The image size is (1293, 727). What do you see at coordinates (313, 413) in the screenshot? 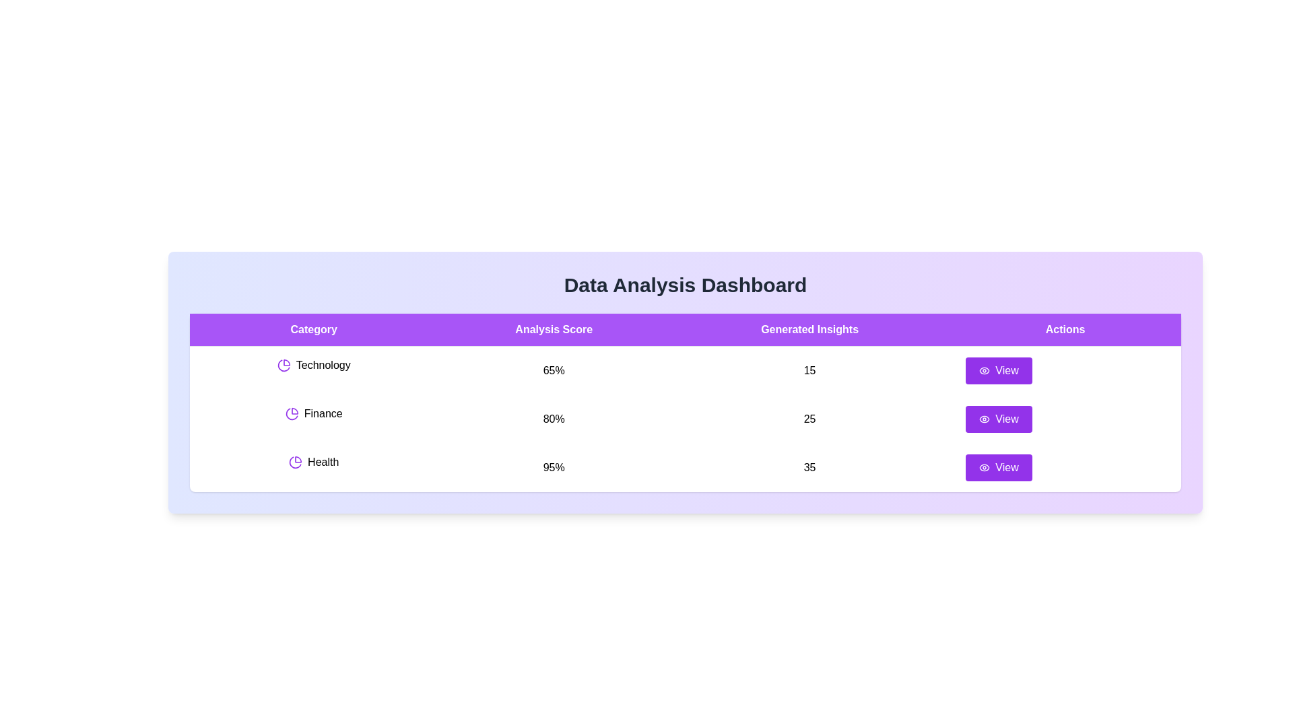
I see `the text element labeled Finance` at bounding box center [313, 413].